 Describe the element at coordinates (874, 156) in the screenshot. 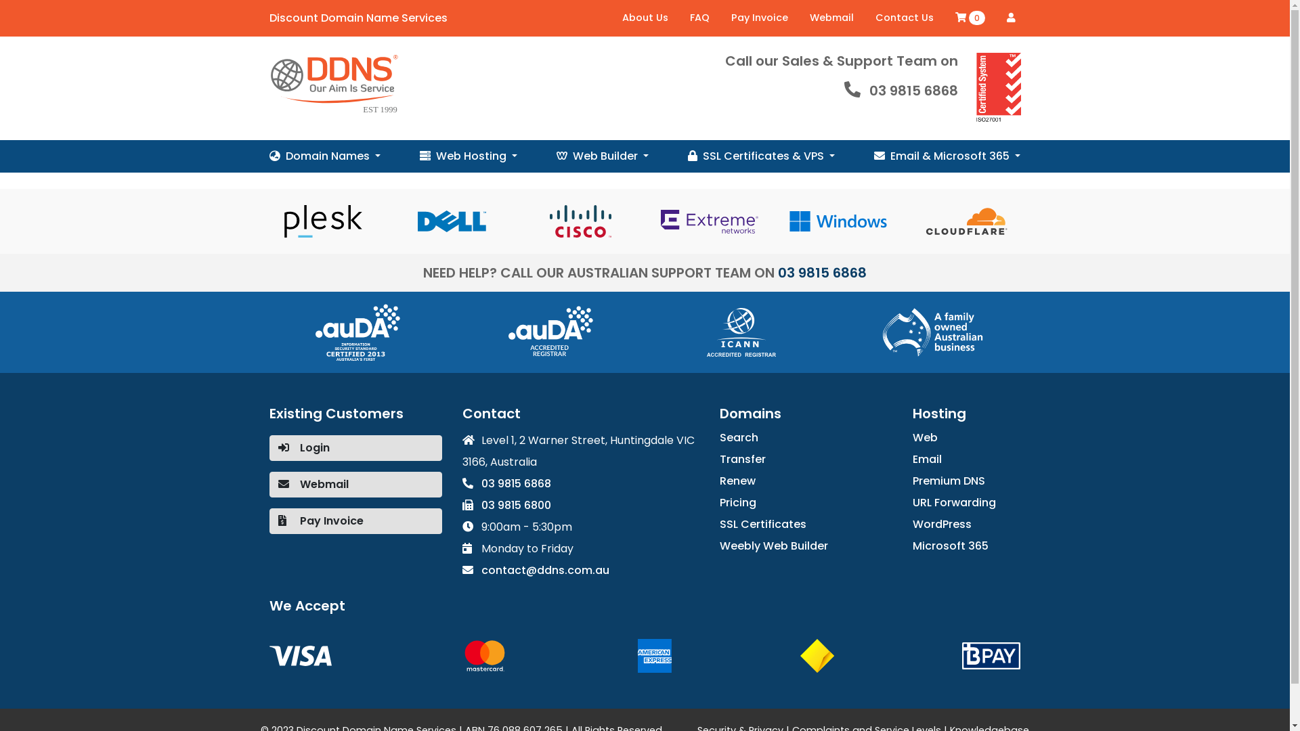

I see `'Email & Microsoft 365'` at that location.